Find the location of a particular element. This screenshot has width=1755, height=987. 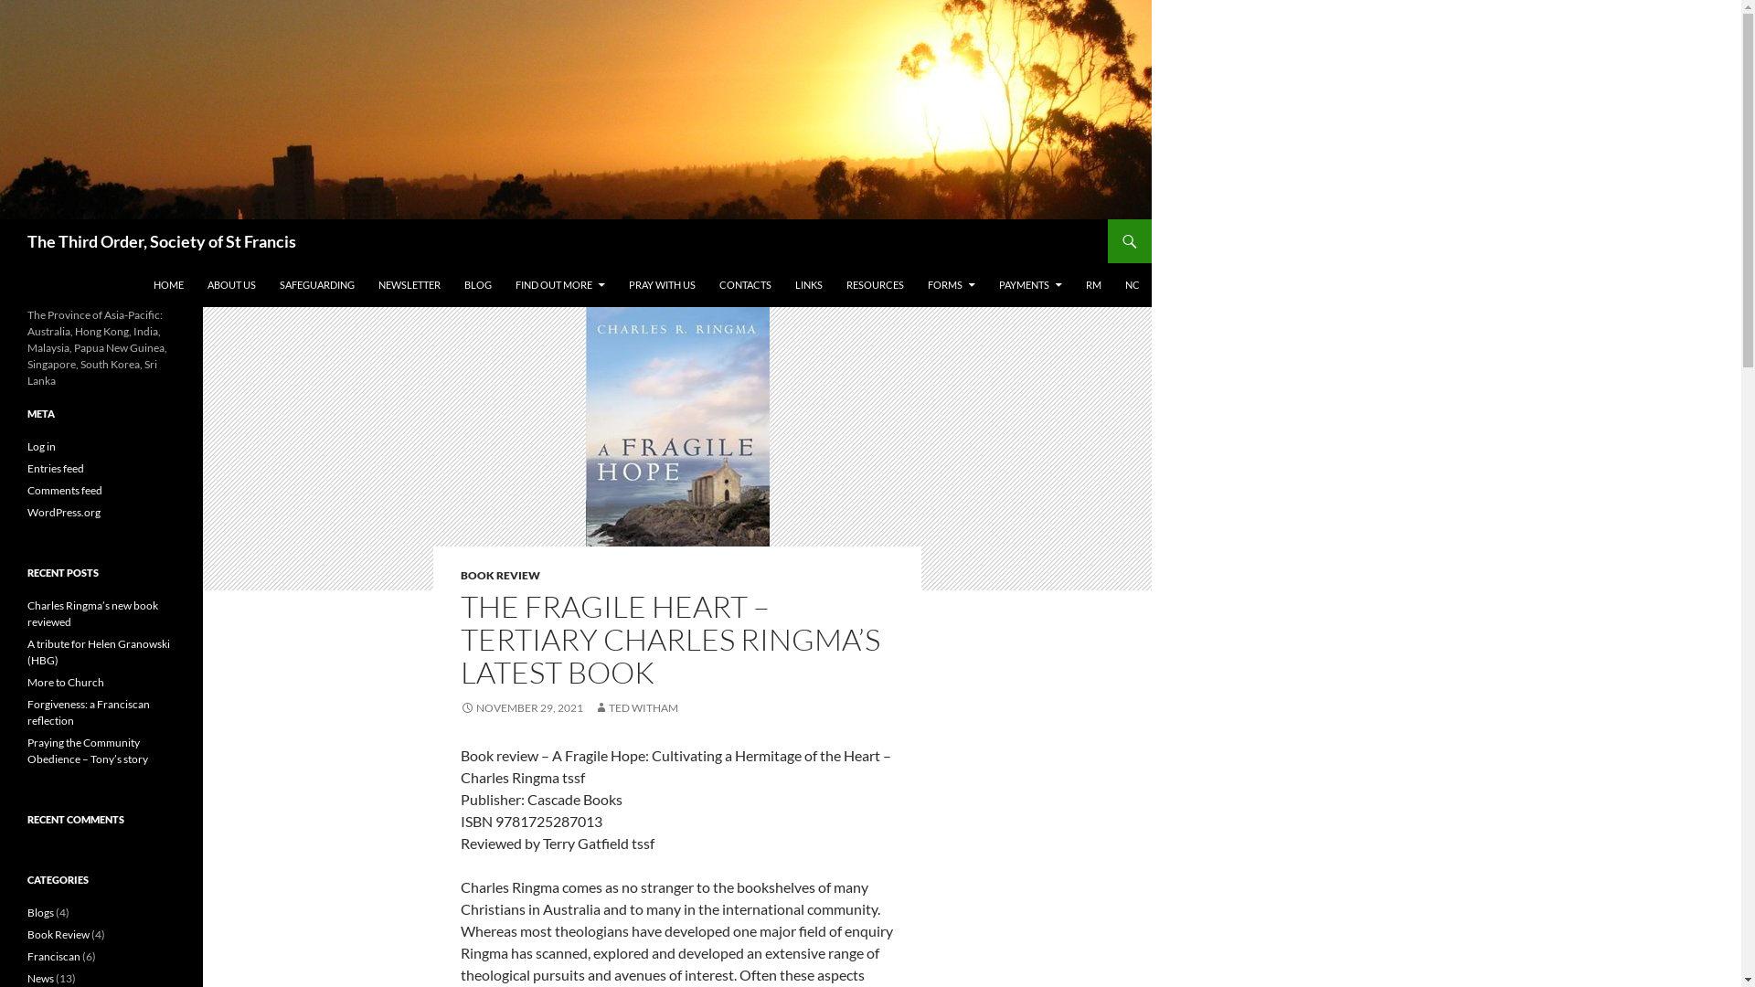

'FIND OUT MORE' is located at coordinates (559, 285).